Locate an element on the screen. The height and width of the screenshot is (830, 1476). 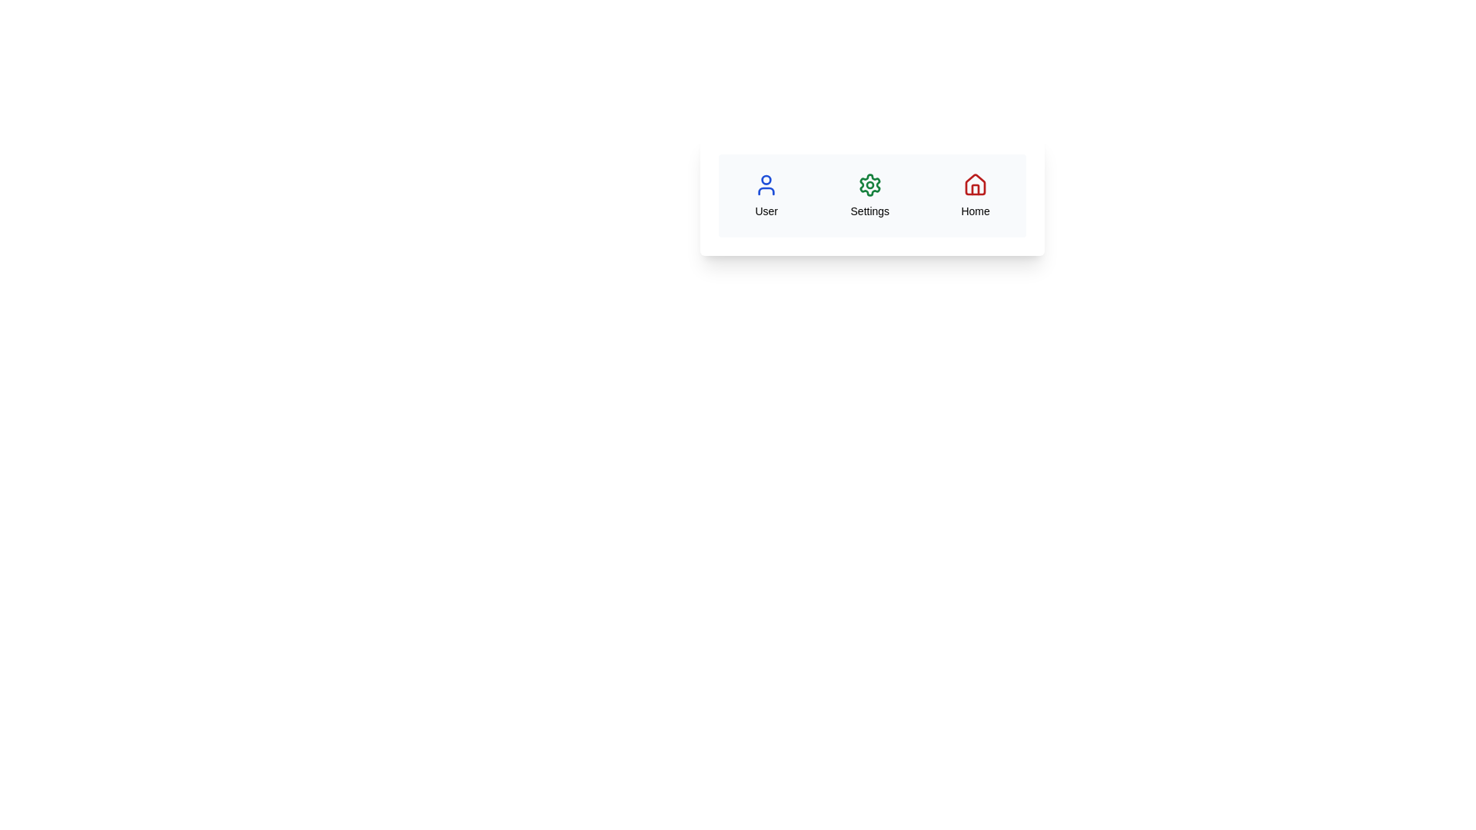
the gear icon representing settings is located at coordinates (869, 184).